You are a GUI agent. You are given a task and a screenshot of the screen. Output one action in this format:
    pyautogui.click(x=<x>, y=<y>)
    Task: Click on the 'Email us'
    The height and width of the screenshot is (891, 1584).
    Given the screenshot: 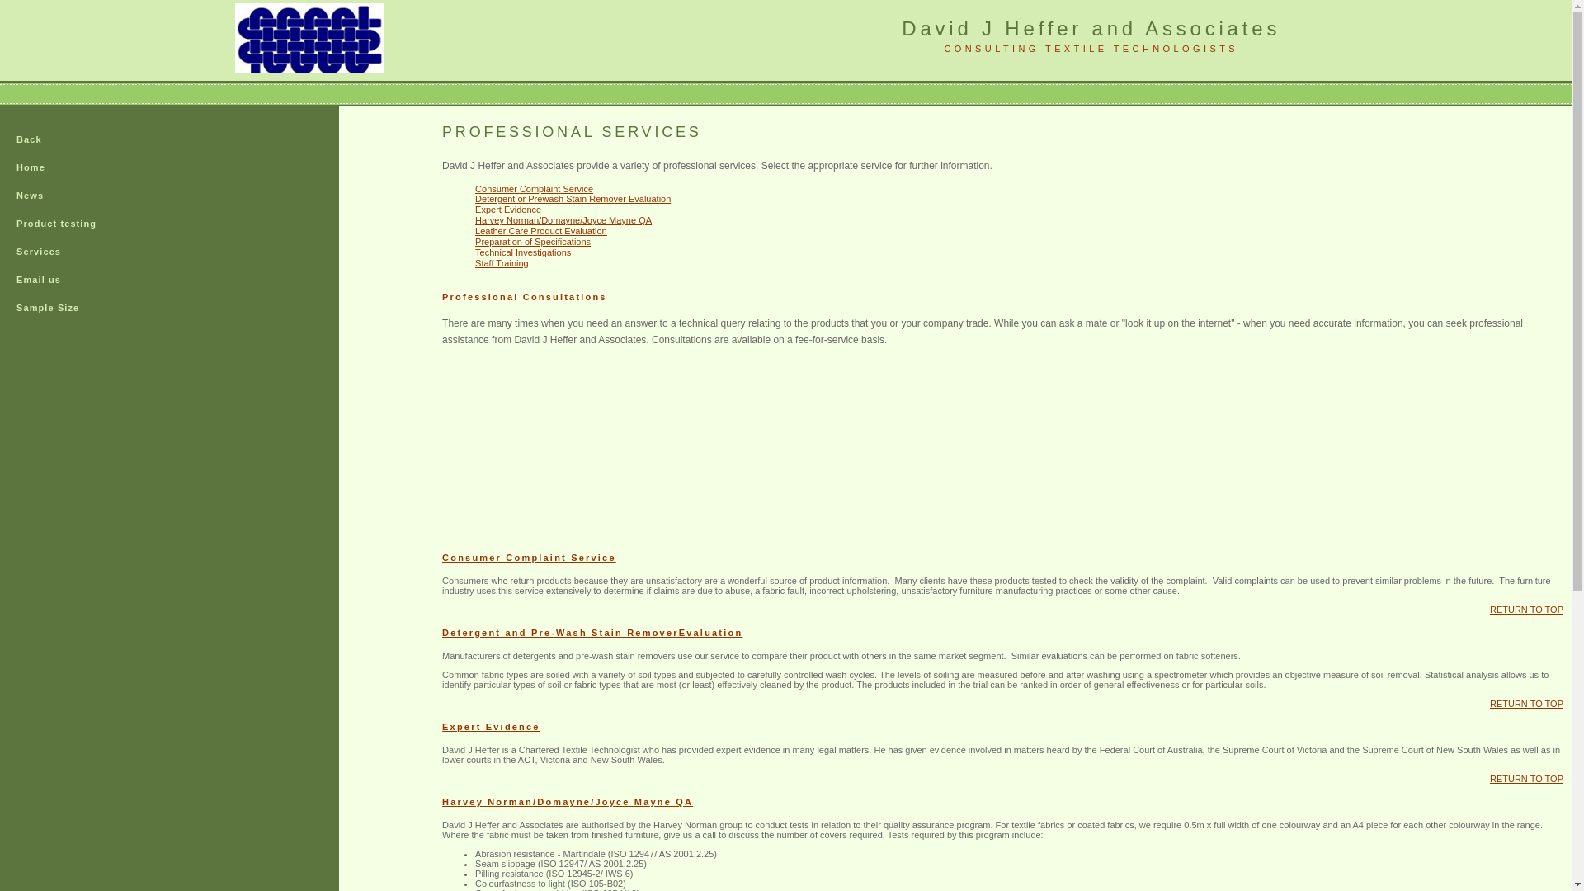 What is the action you would take?
    pyautogui.click(x=67, y=279)
    